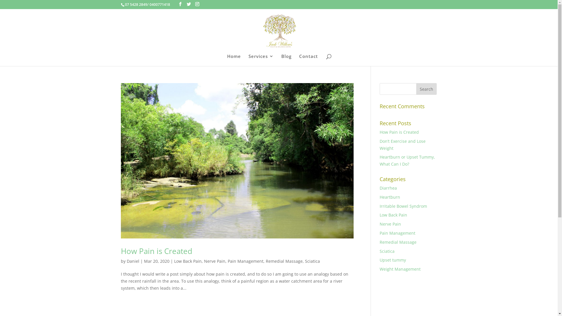 This screenshot has width=562, height=316. Describe the element at coordinates (246, 261) in the screenshot. I see `'Pain Management'` at that location.